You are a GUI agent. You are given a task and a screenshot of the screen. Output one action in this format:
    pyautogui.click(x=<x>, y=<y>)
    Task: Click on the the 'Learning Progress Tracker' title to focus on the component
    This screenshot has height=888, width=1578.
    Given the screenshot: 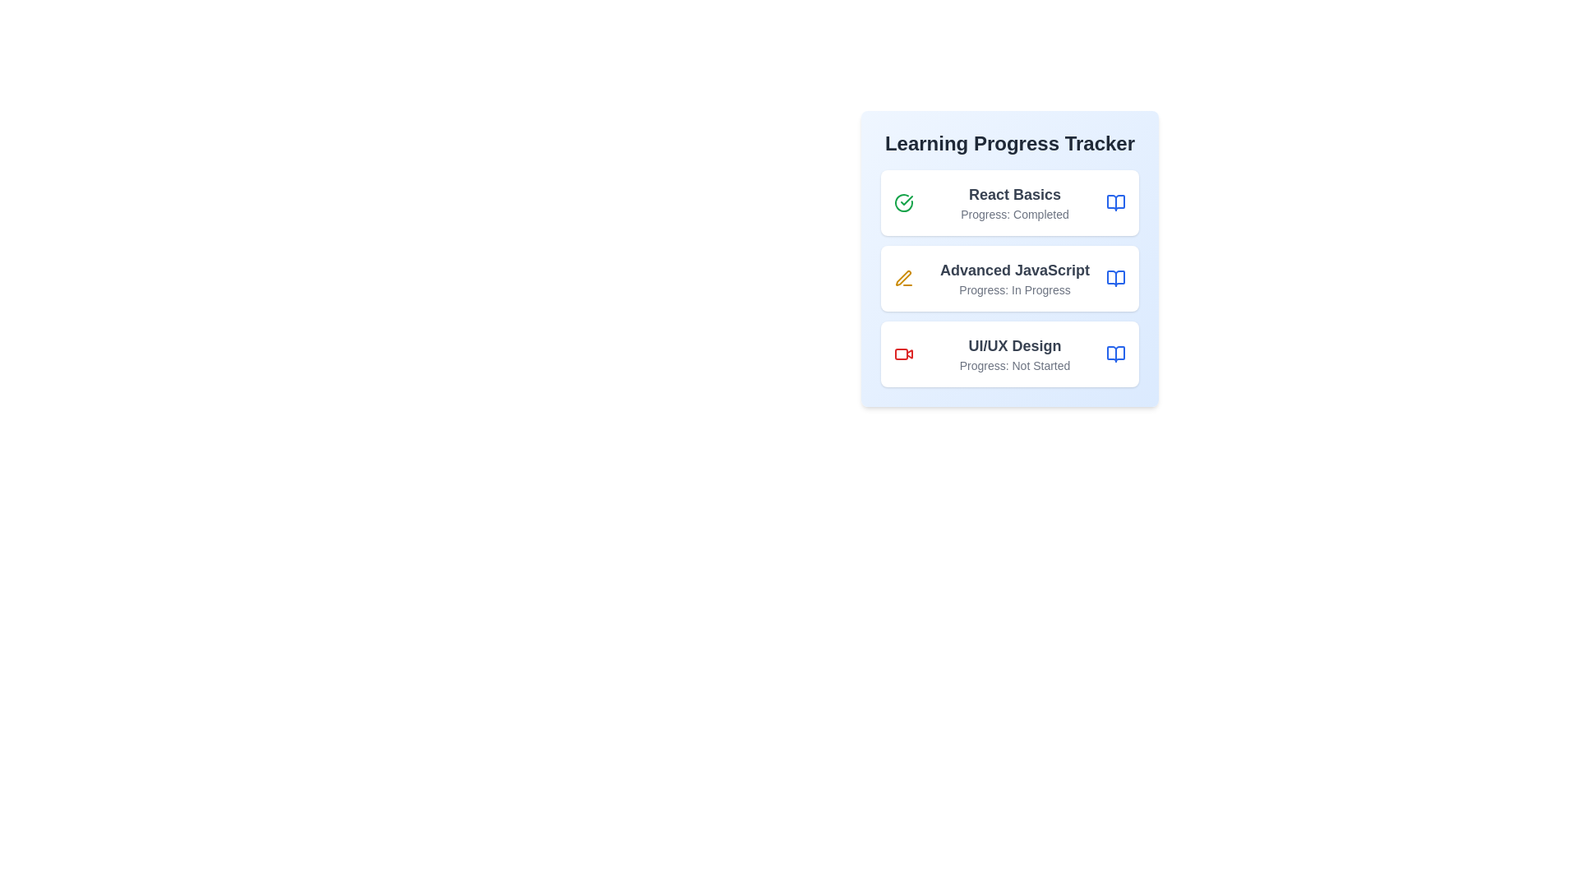 What is the action you would take?
    pyautogui.click(x=1008, y=142)
    